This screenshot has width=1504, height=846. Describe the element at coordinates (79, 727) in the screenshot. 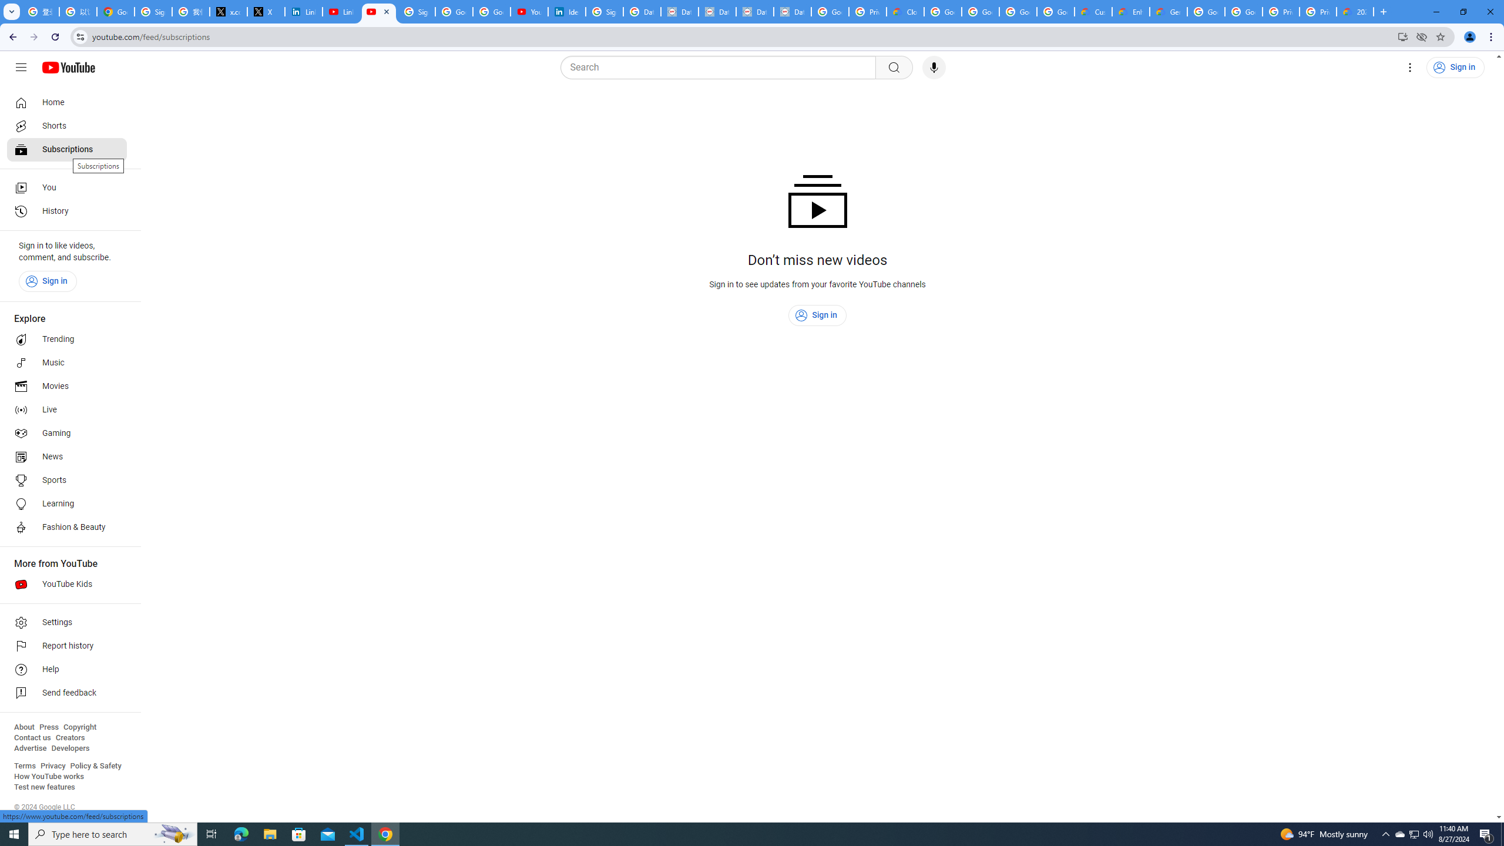

I see `'Copyright'` at that location.